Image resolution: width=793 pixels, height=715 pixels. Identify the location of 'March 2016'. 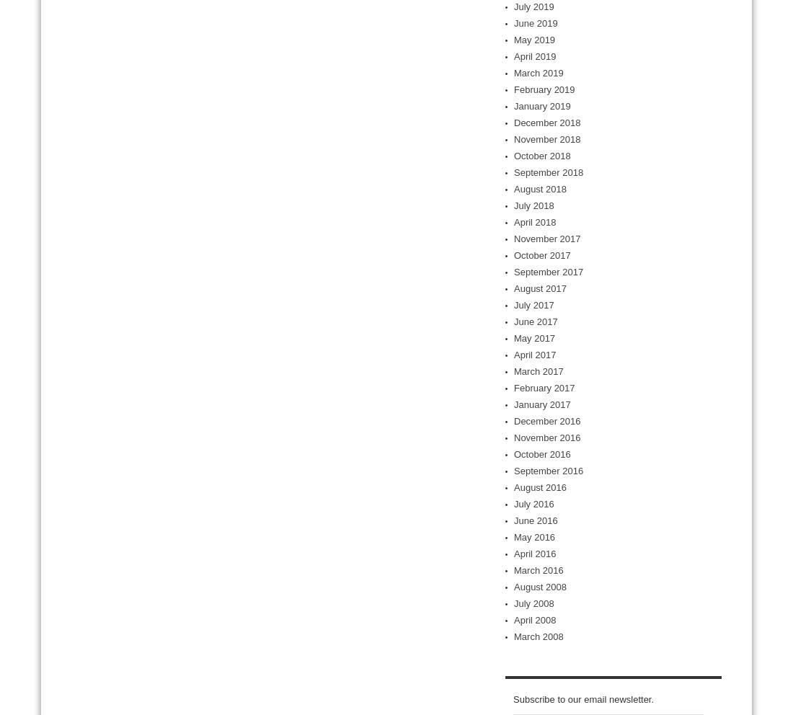
(538, 570).